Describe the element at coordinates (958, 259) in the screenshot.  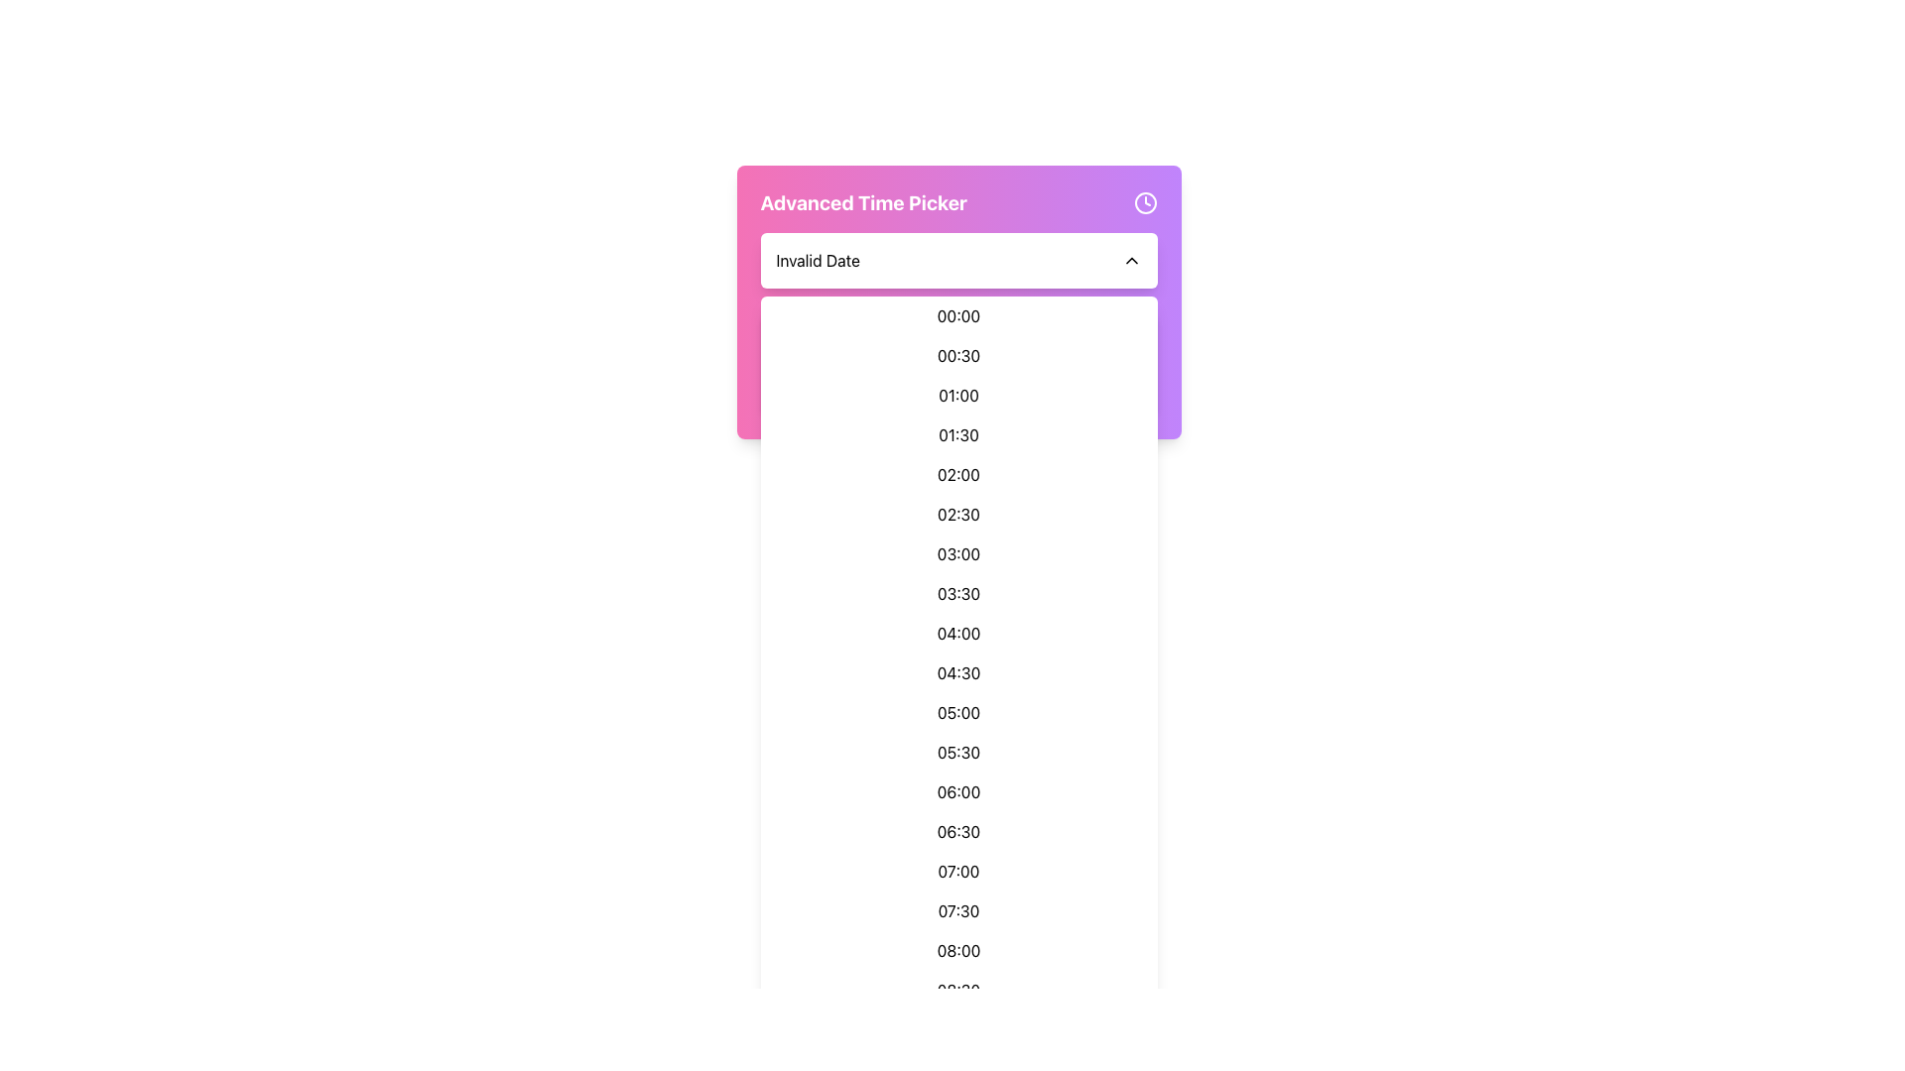
I see `the dropdown input field labeled 'Invalid Date'` at that location.